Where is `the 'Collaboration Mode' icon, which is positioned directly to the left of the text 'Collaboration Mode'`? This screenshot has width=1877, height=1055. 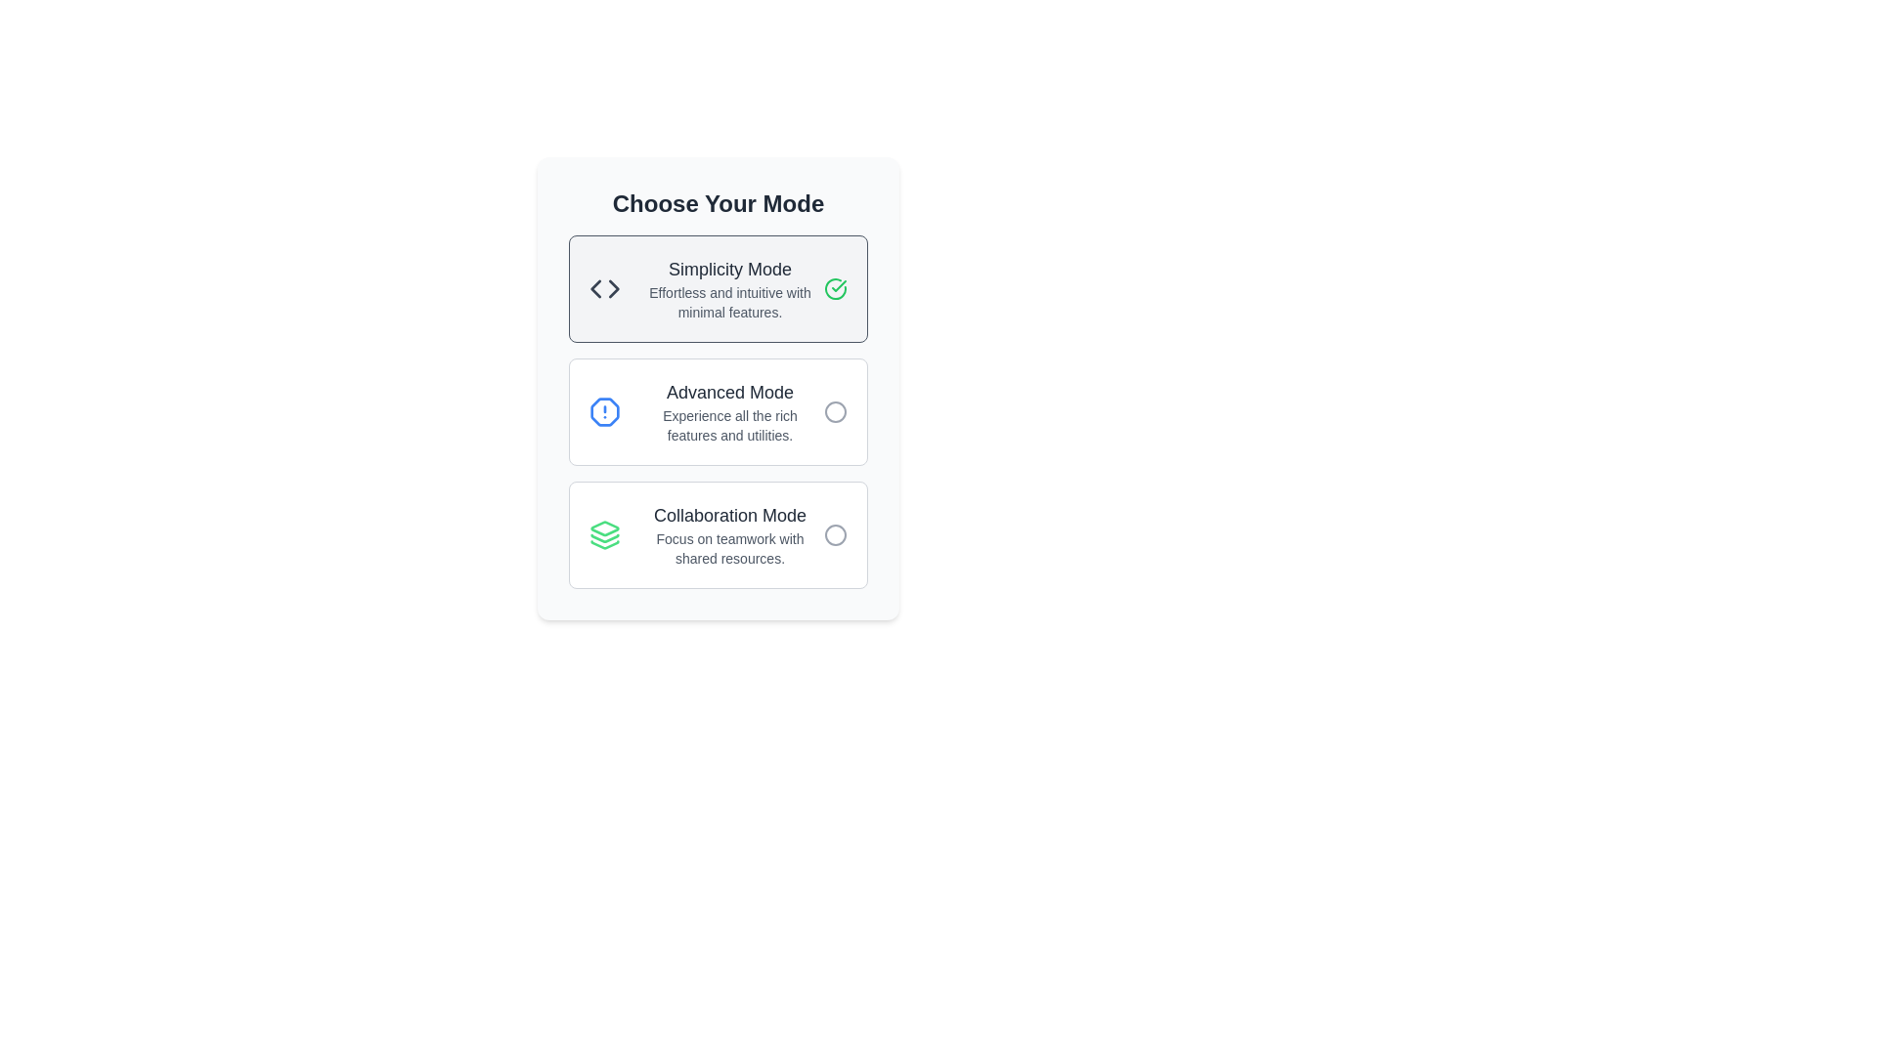 the 'Collaboration Mode' icon, which is positioned directly to the left of the text 'Collaboration Mode' is located at coordinates (604, 534).